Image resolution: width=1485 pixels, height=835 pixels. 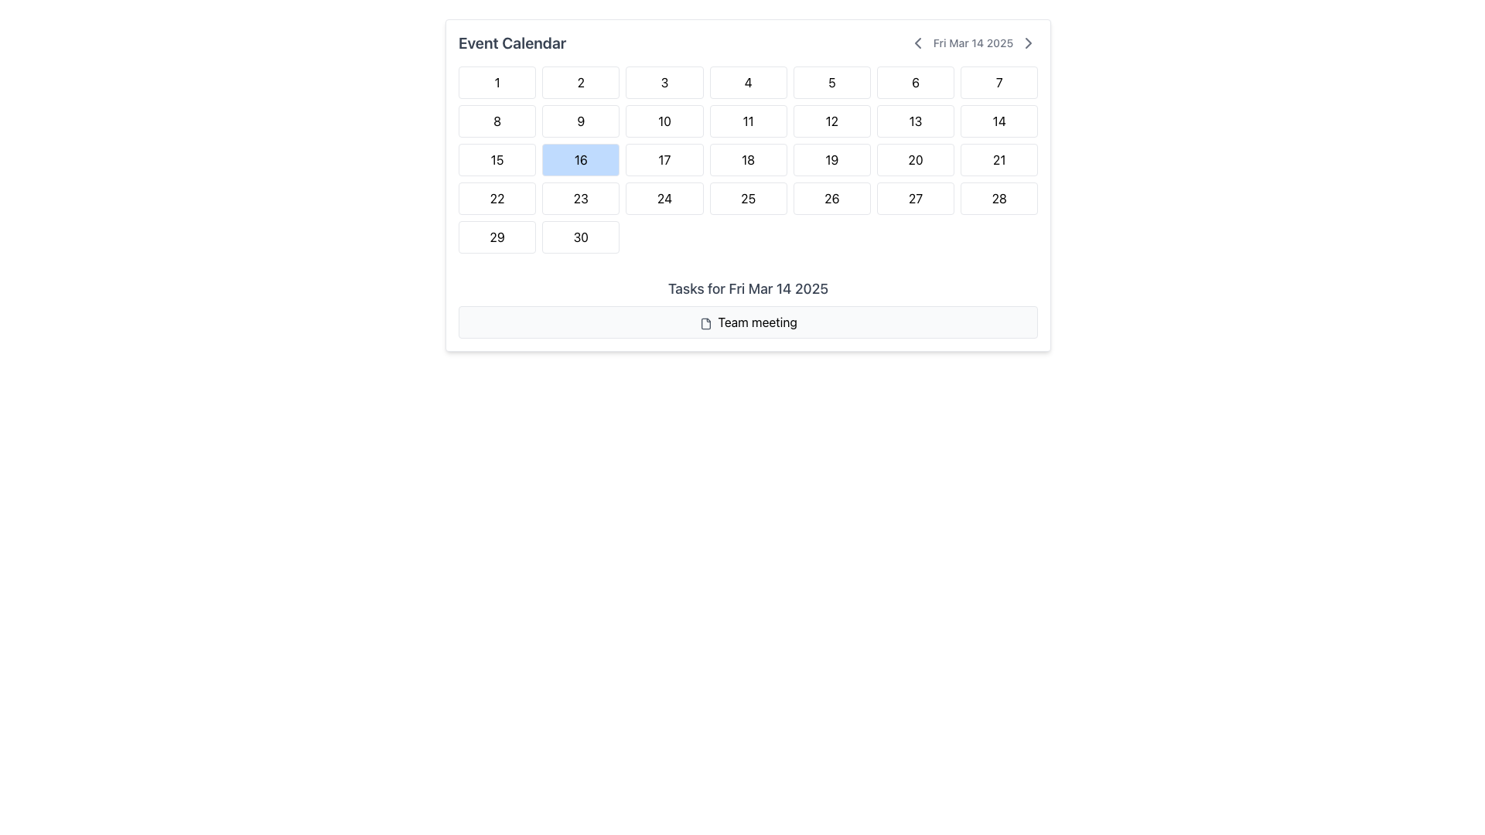 What do you see at coordinates (916, 198) in the screenshot?
I see `the Calendar Date Button displaying the number '27'` at bounding box center [916, 198].